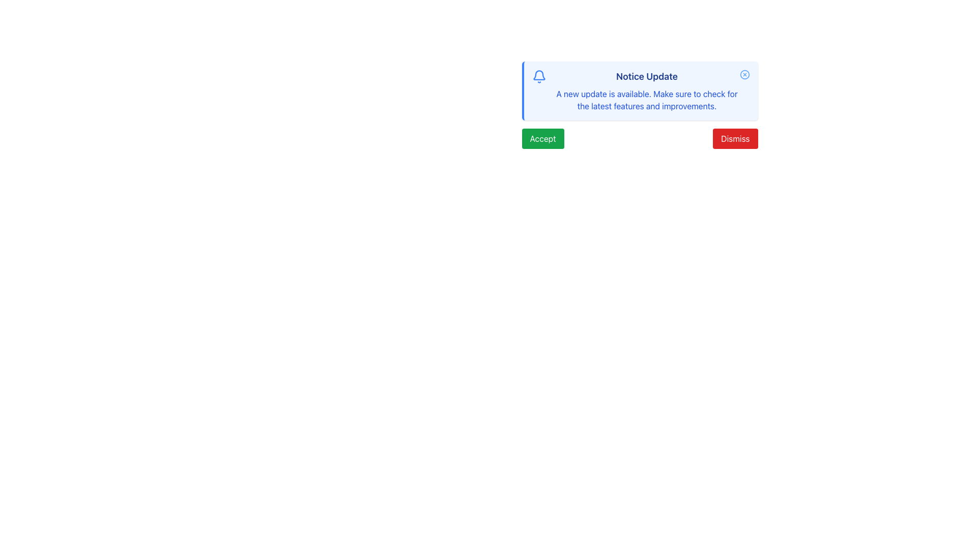 Image resolution: width=977 pixels, height=549 pixels. Describe the element at coordinates (538, 75) in the screenshot. I see `the notification icon located on the left side of the notification banner, adjacent to the title 'Notice Update'` at that location.